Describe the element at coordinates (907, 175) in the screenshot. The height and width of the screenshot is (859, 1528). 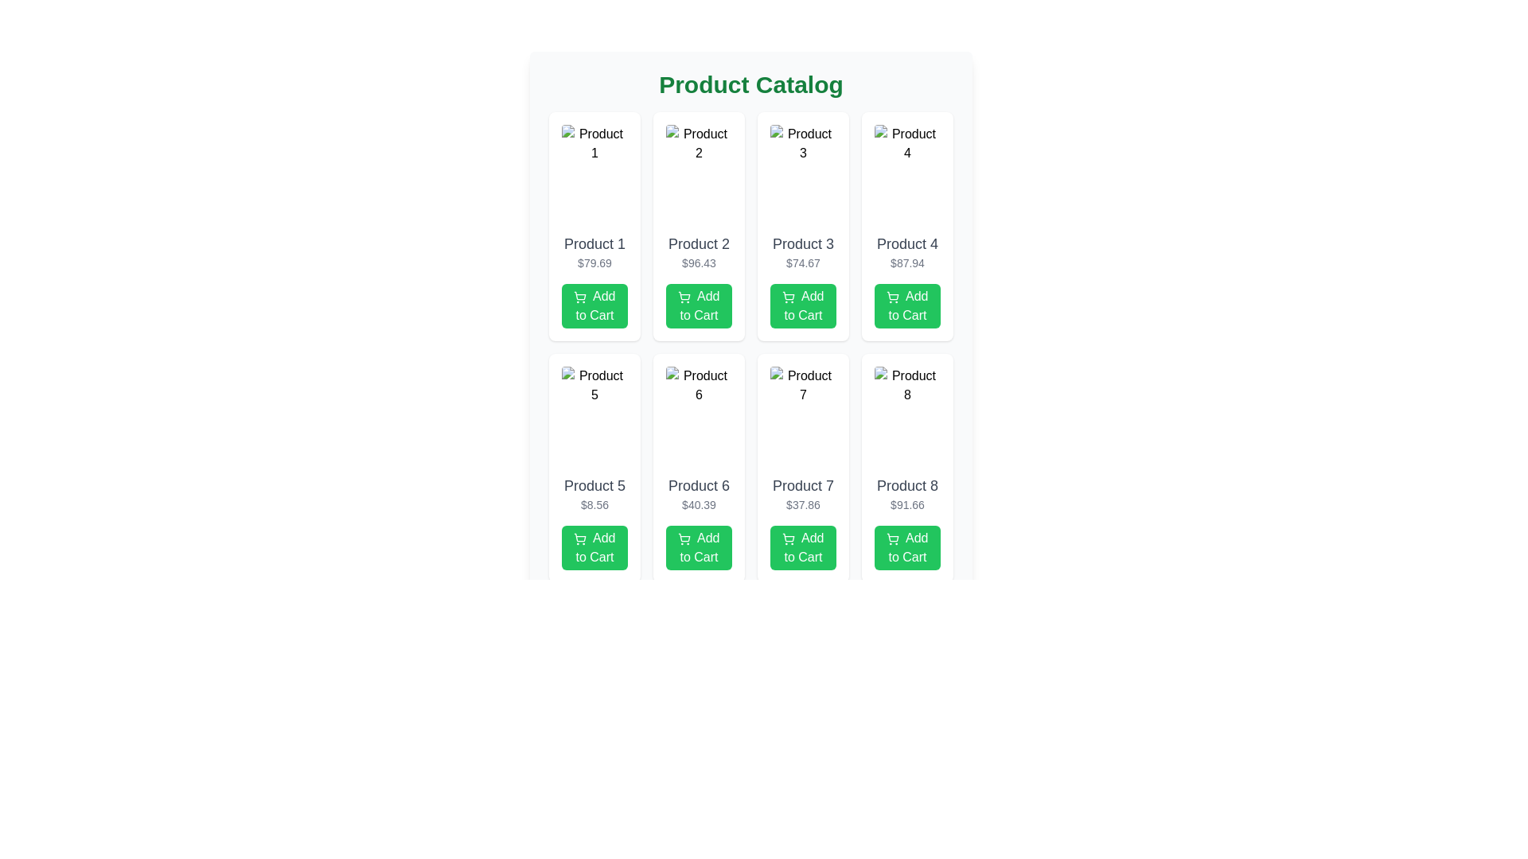
I see `the placeholder image labeled 'Product 4' located at the top of its card component in the 2x4 grid layout` at that location.